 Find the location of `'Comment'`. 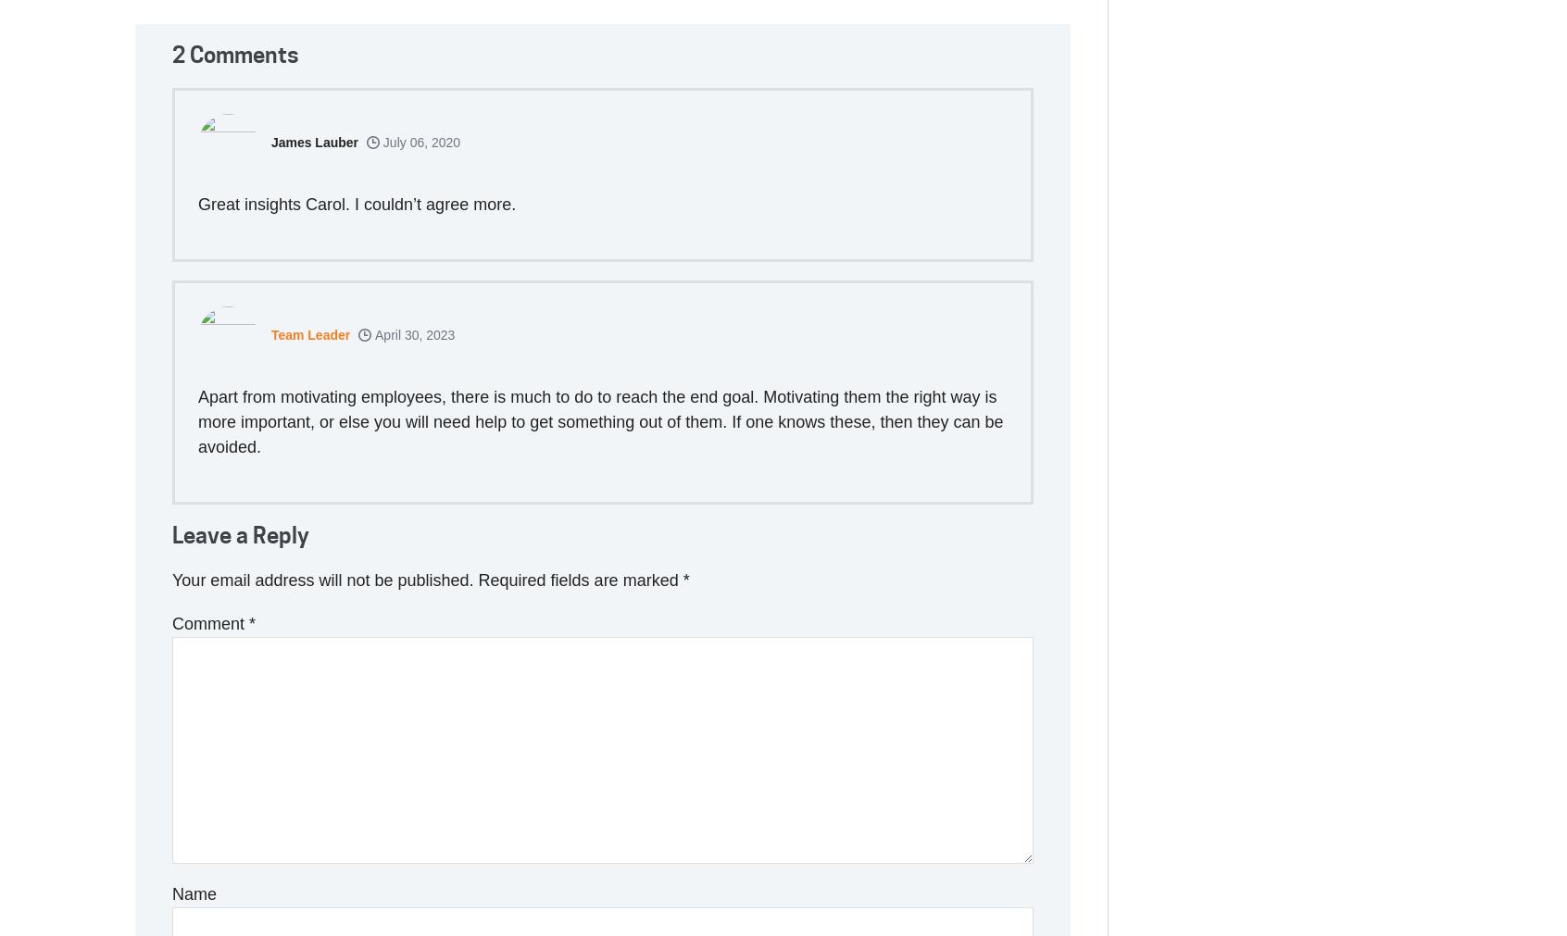

'Comment' is located at coordinates (210, 623).